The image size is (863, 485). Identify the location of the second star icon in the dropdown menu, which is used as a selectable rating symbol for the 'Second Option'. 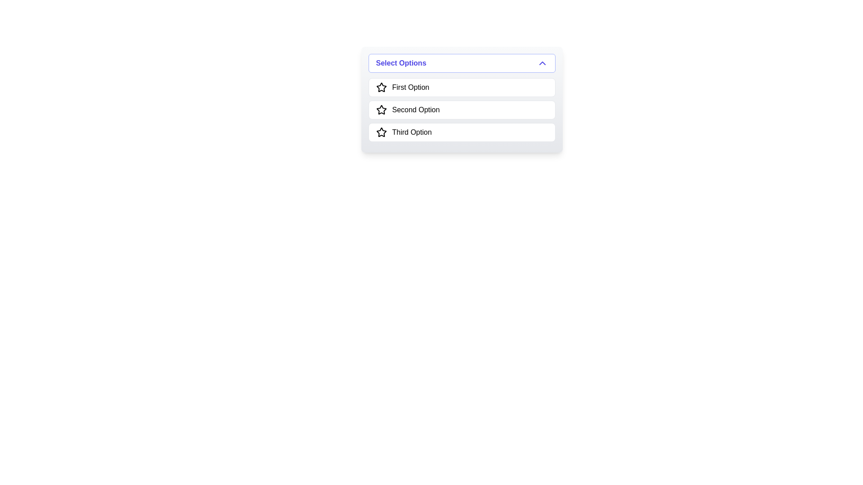
(381, 109).